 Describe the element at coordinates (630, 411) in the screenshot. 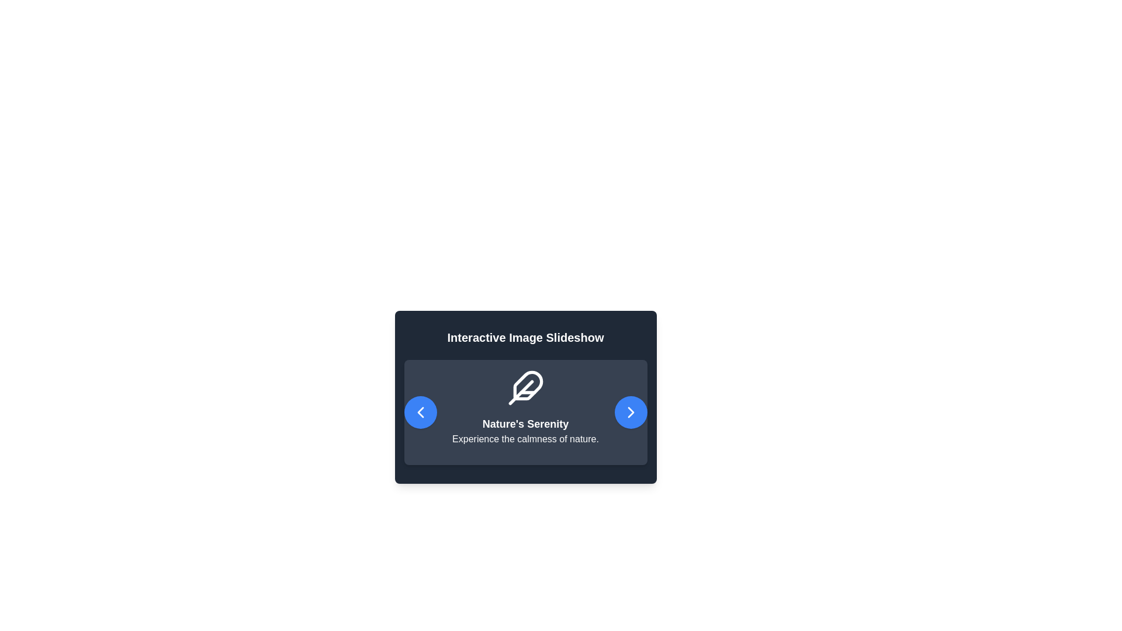

I see `the navigation icon located in the bottom-right corner of the dark-themed card titled 'Interactive Image Slideshow'` at that location.